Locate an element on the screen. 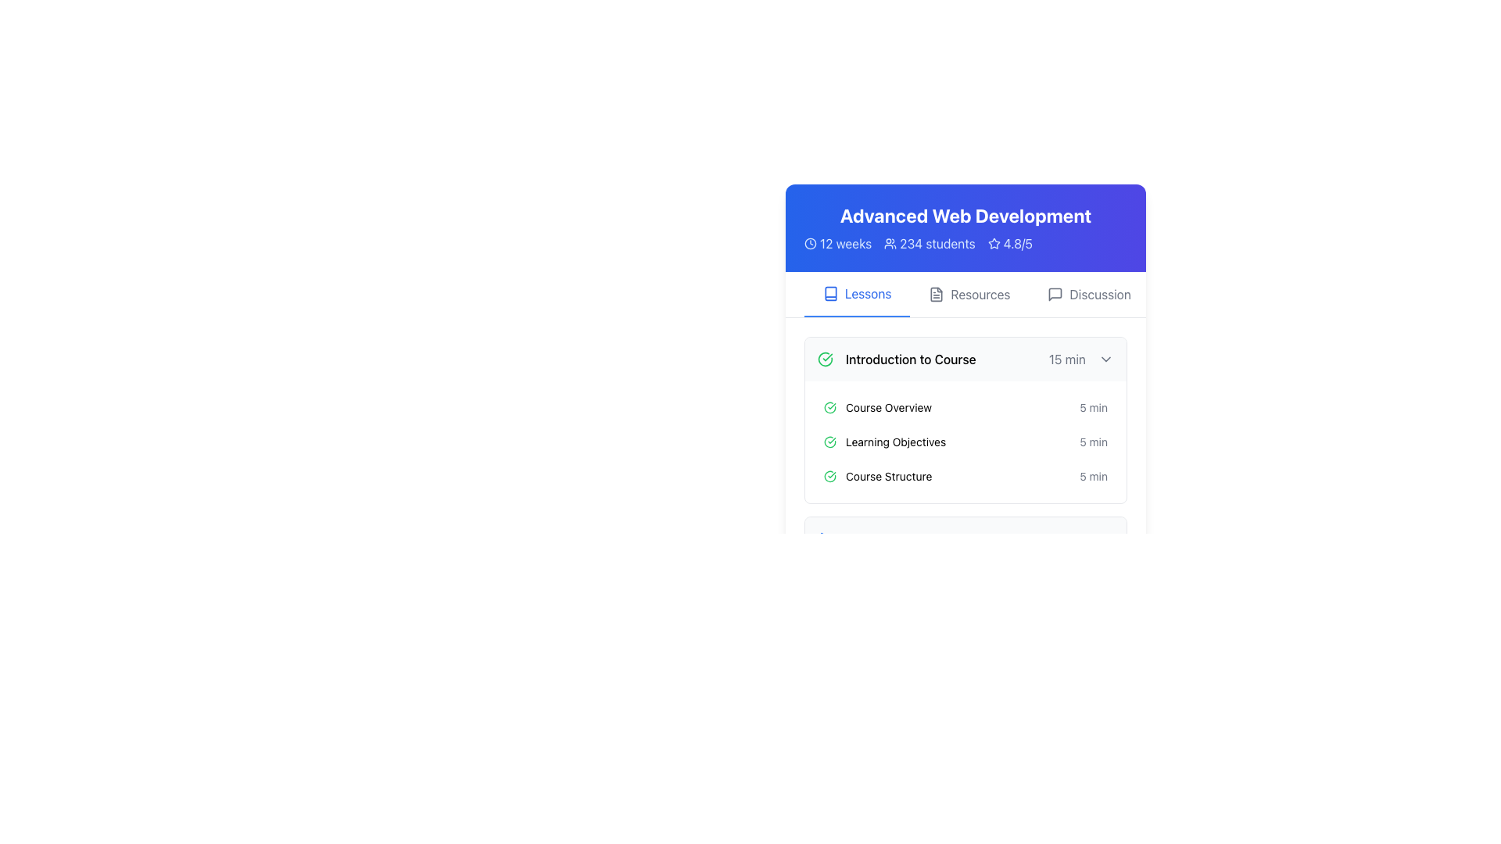 This screenshot has height=844, width=1501. the 'Course Structure' text, which is the third item in the 'Introduction to Course' section is located at coordinates (878, 475).